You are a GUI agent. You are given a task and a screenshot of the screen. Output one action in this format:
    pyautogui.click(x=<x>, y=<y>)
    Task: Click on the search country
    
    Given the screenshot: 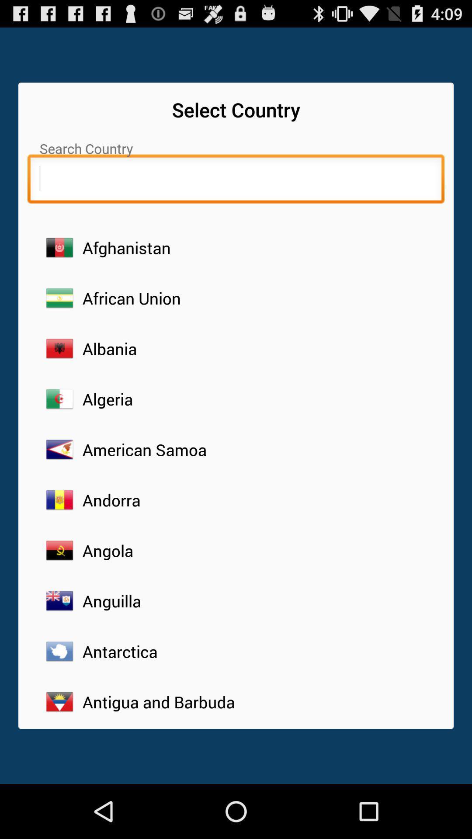 What is the action you would take?
    pyautogui.click(x=236, y=180)
    